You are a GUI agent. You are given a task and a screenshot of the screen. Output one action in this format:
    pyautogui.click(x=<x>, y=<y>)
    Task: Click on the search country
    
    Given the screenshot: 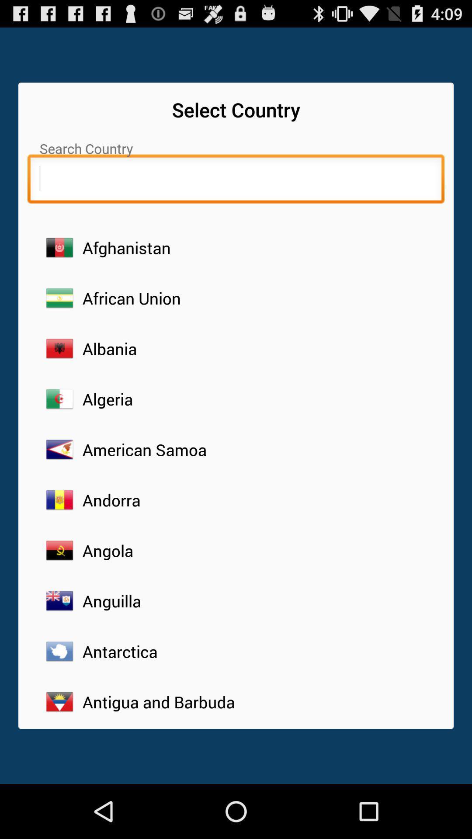 What is the action you would take?
    pyautogui.click(x=236, y=180)
    